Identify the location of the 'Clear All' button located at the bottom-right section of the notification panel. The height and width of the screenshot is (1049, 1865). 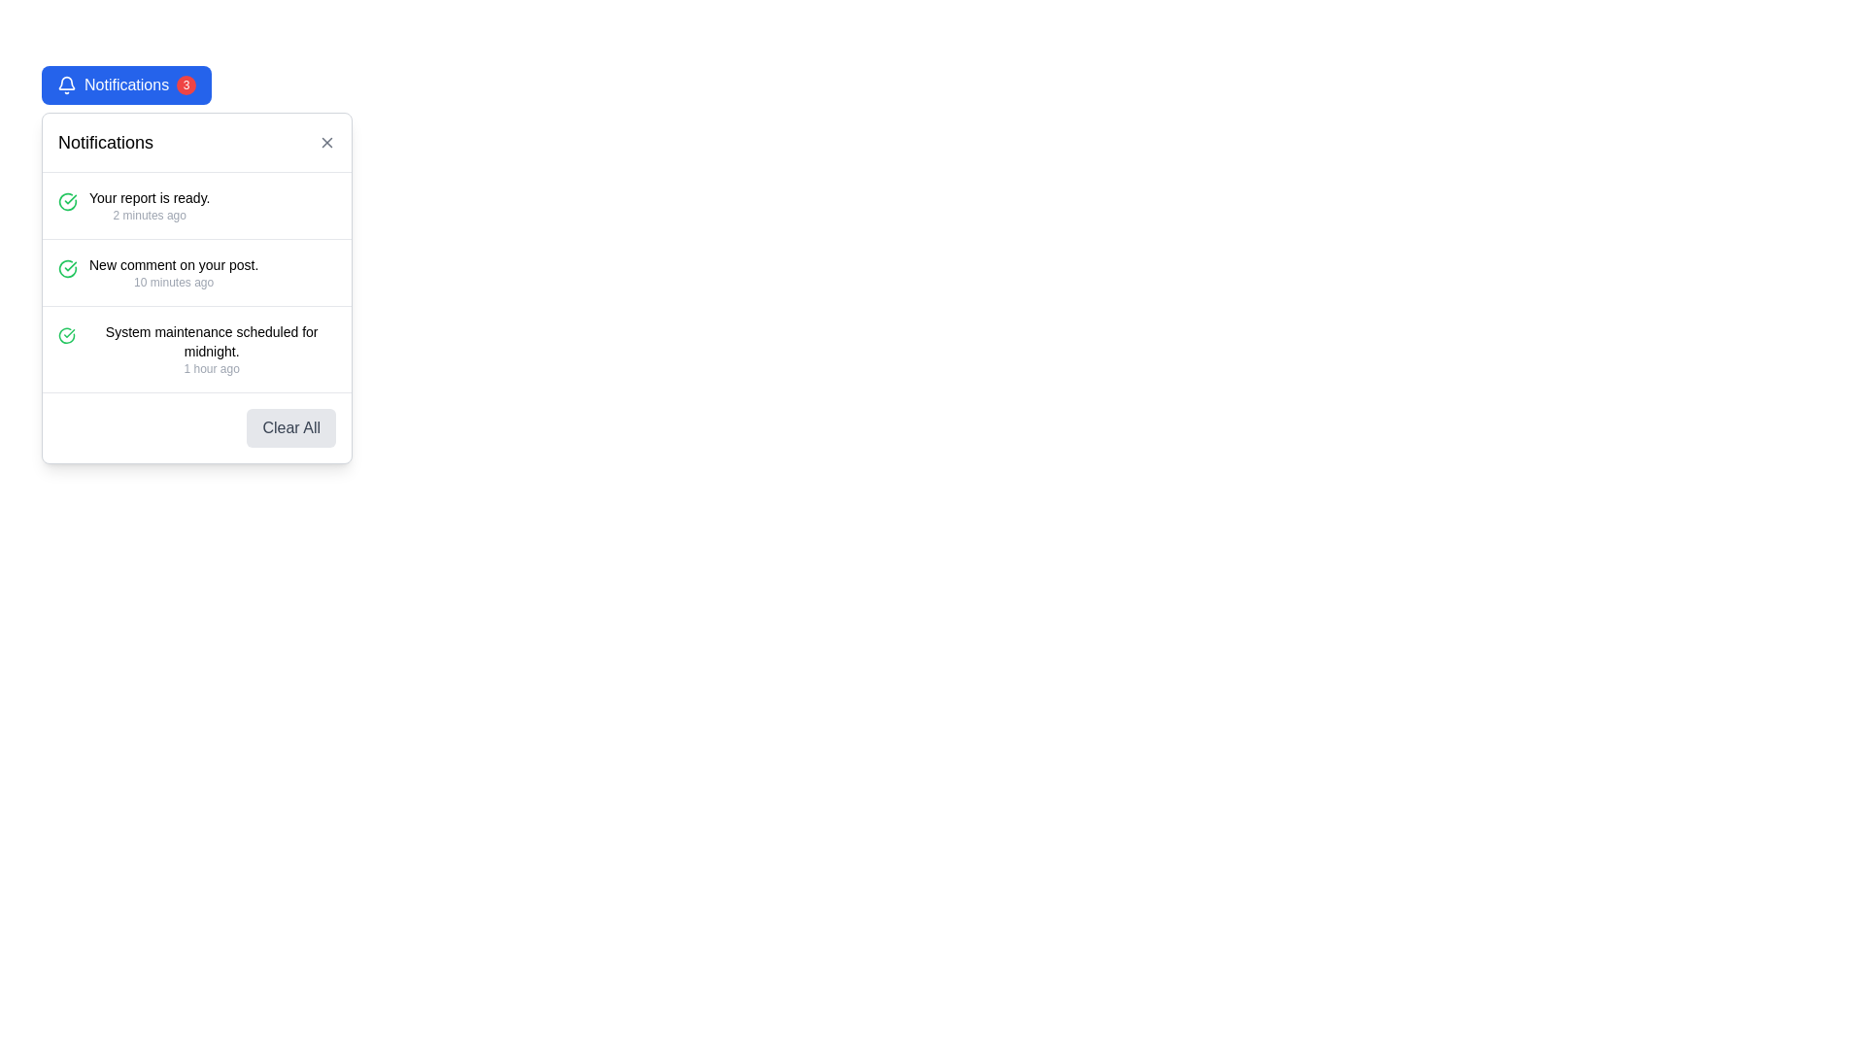
(196, 425).